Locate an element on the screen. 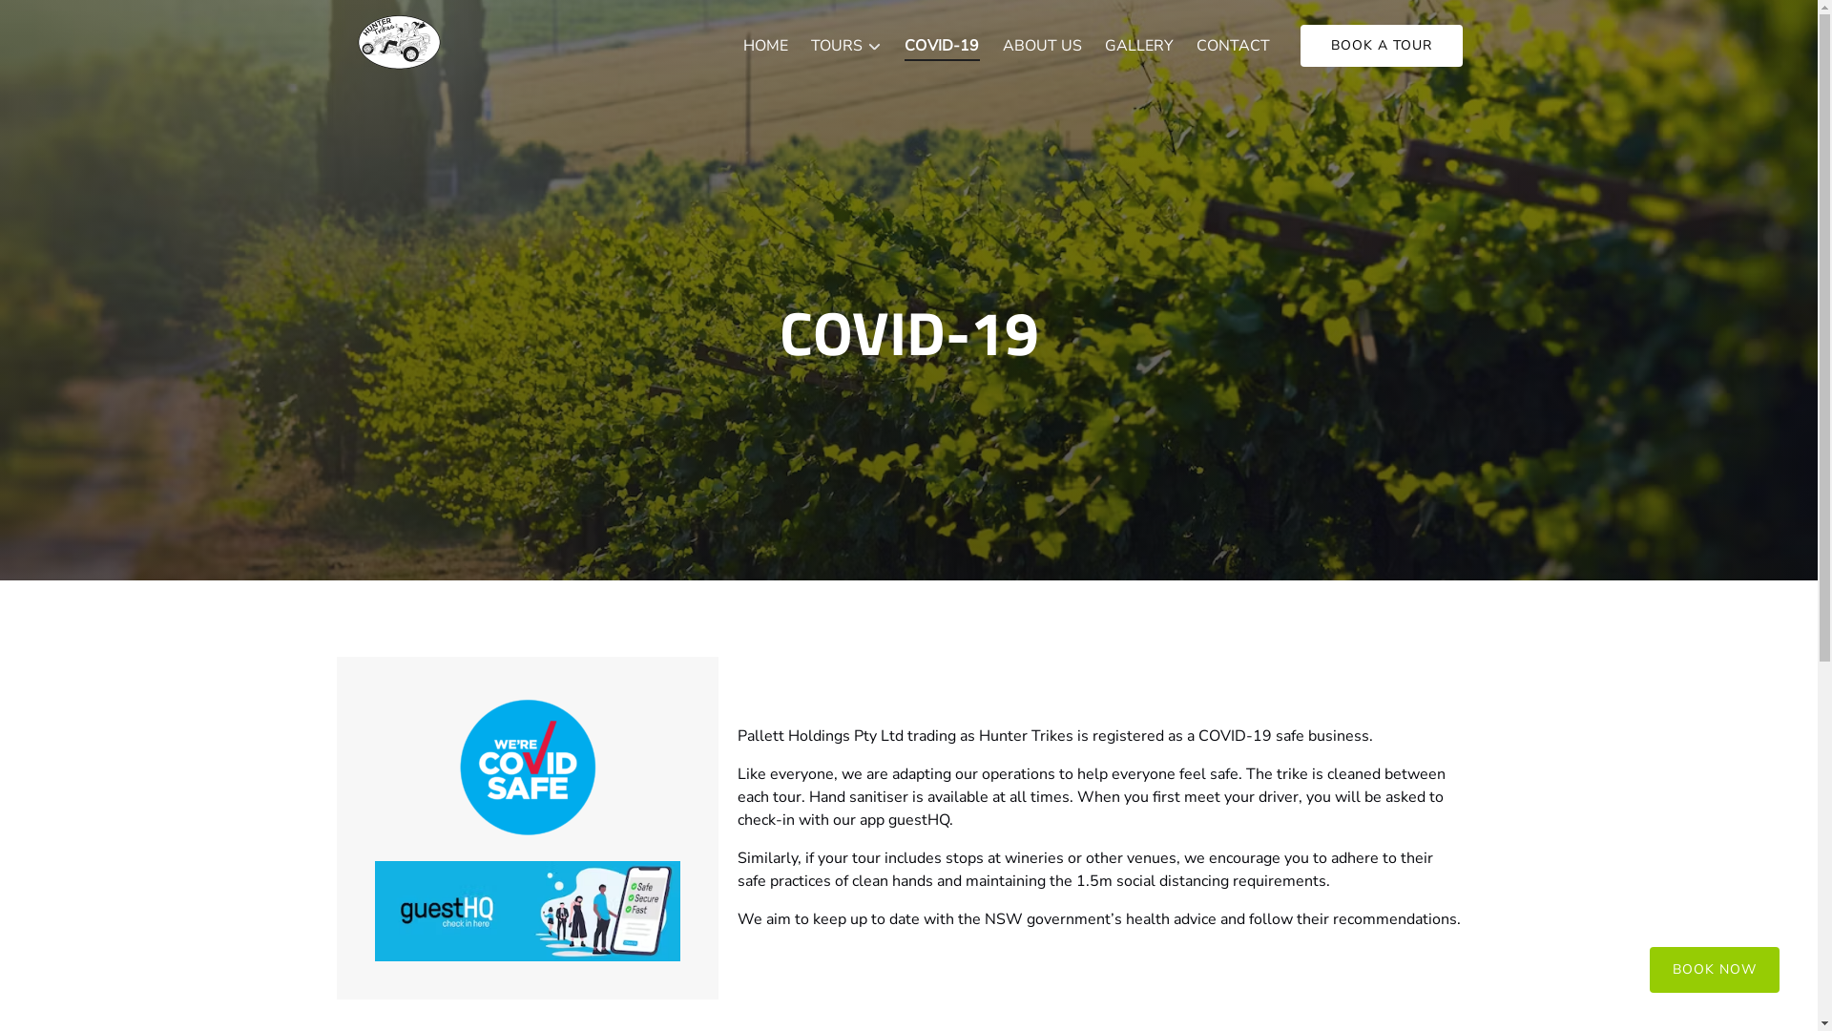 Image resolution: width=1832 pixels, height=1031 pixels. 'guesthq image' is located at coordinates (527, 910).